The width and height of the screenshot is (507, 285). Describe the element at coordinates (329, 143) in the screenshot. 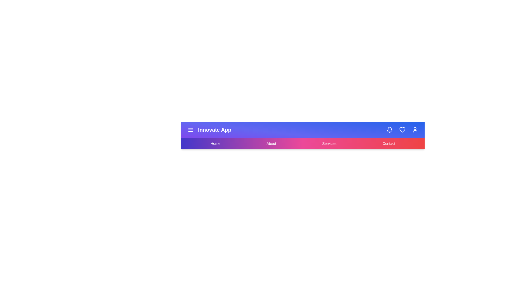

I see `the interactive element Services Link` at that location.